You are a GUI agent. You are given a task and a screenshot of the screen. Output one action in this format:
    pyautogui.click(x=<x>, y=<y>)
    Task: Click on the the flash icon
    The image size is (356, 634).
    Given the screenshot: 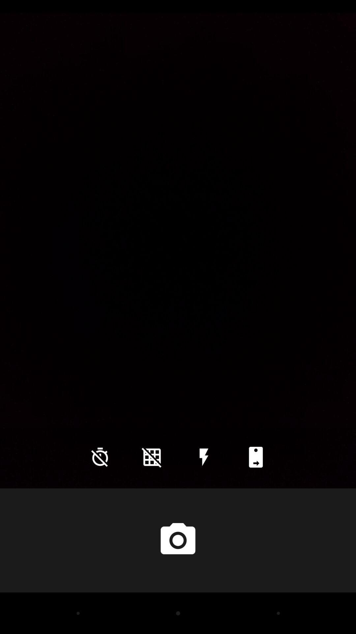 What is the action you would take?
    pyautogui.click(x=203, y=457)
    